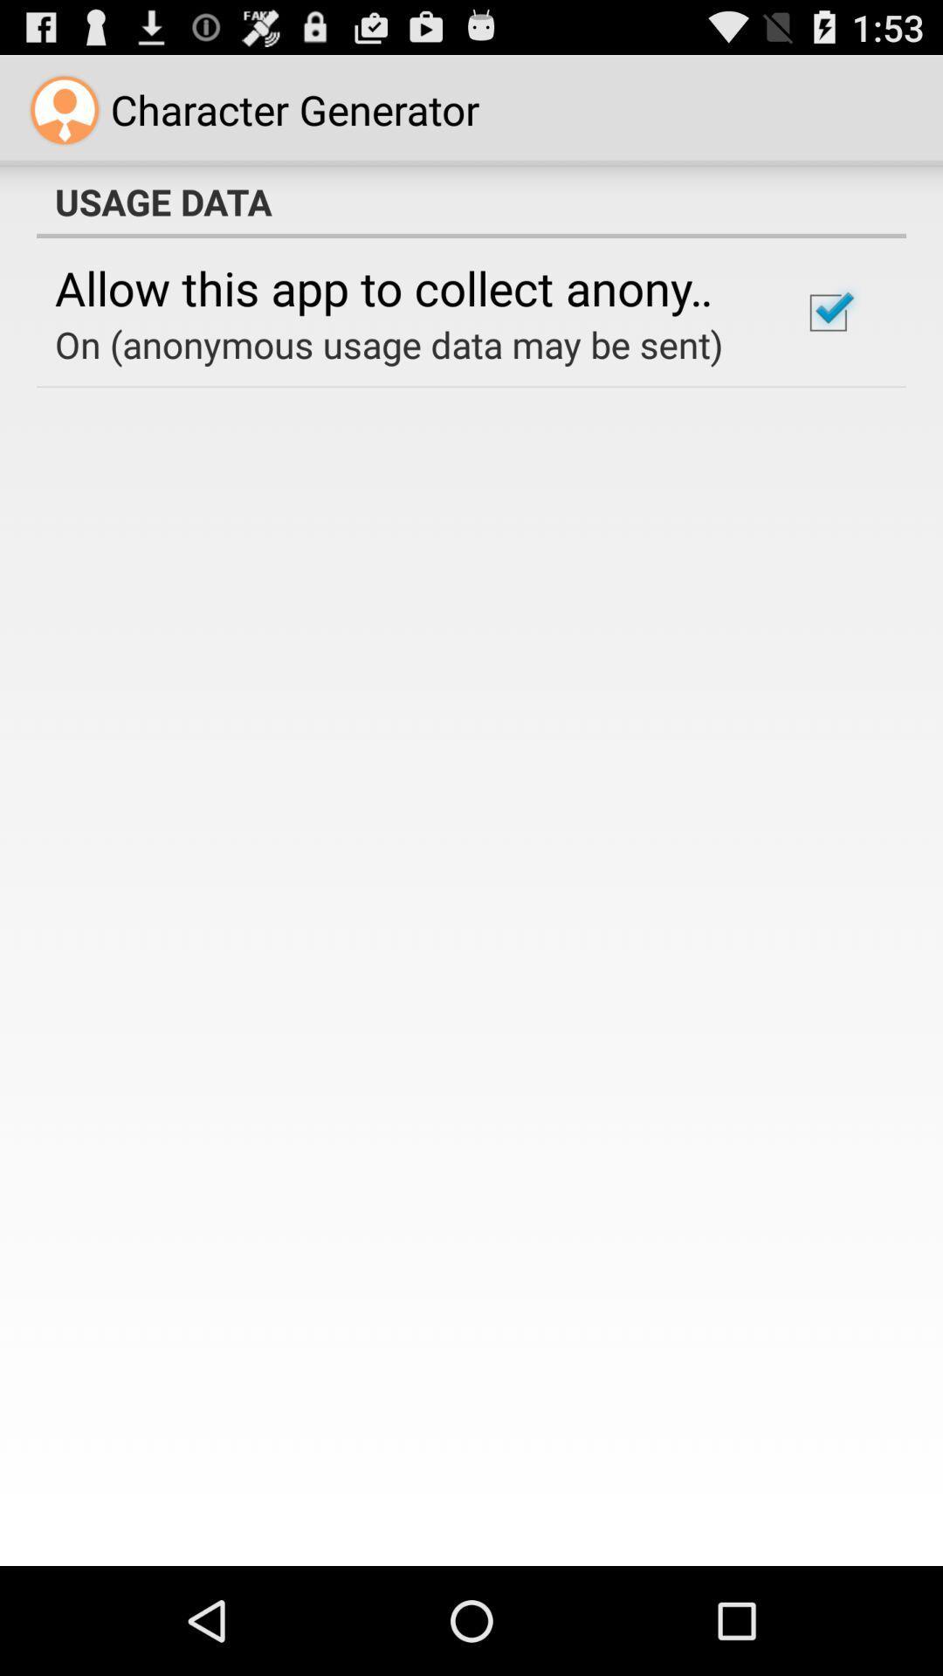 The width and height of the screenshot is (943, 1676). Describe the element at coordinates (404, 287) in the screenshot. I see `the icon above the on anonymous usage` at that location.